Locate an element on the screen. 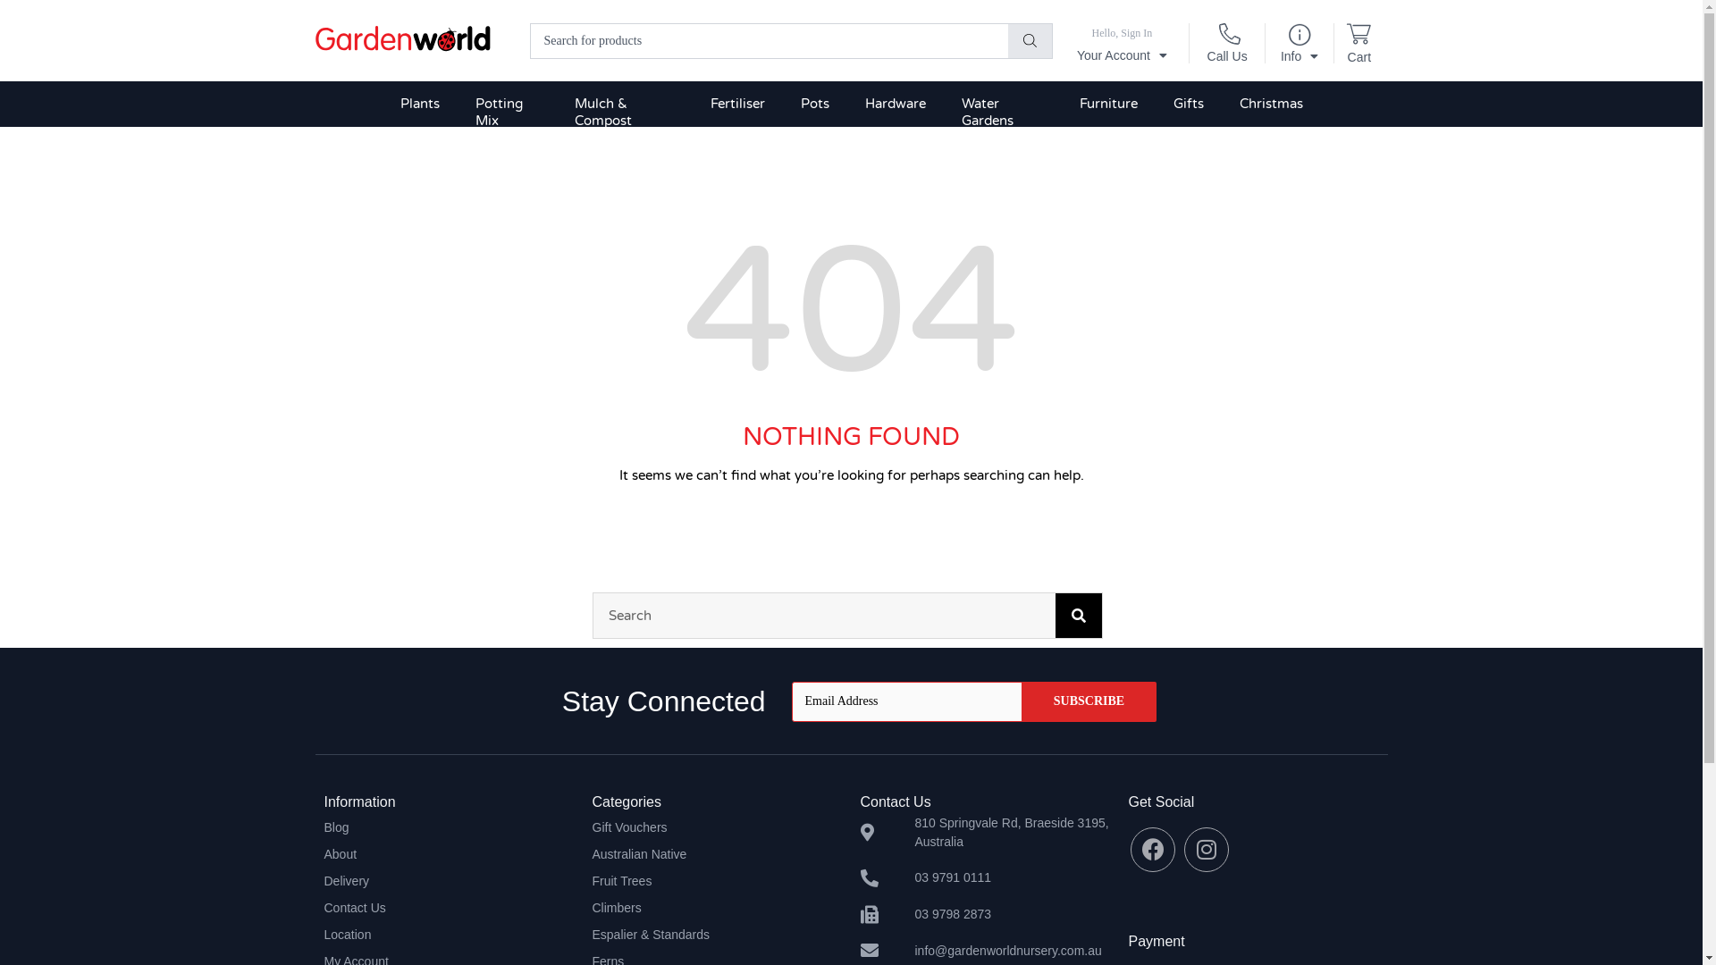 This screenshot has height=965, width=1716. 'info@gardenworldnursery.com.au' is located at coordinates (984, 950).